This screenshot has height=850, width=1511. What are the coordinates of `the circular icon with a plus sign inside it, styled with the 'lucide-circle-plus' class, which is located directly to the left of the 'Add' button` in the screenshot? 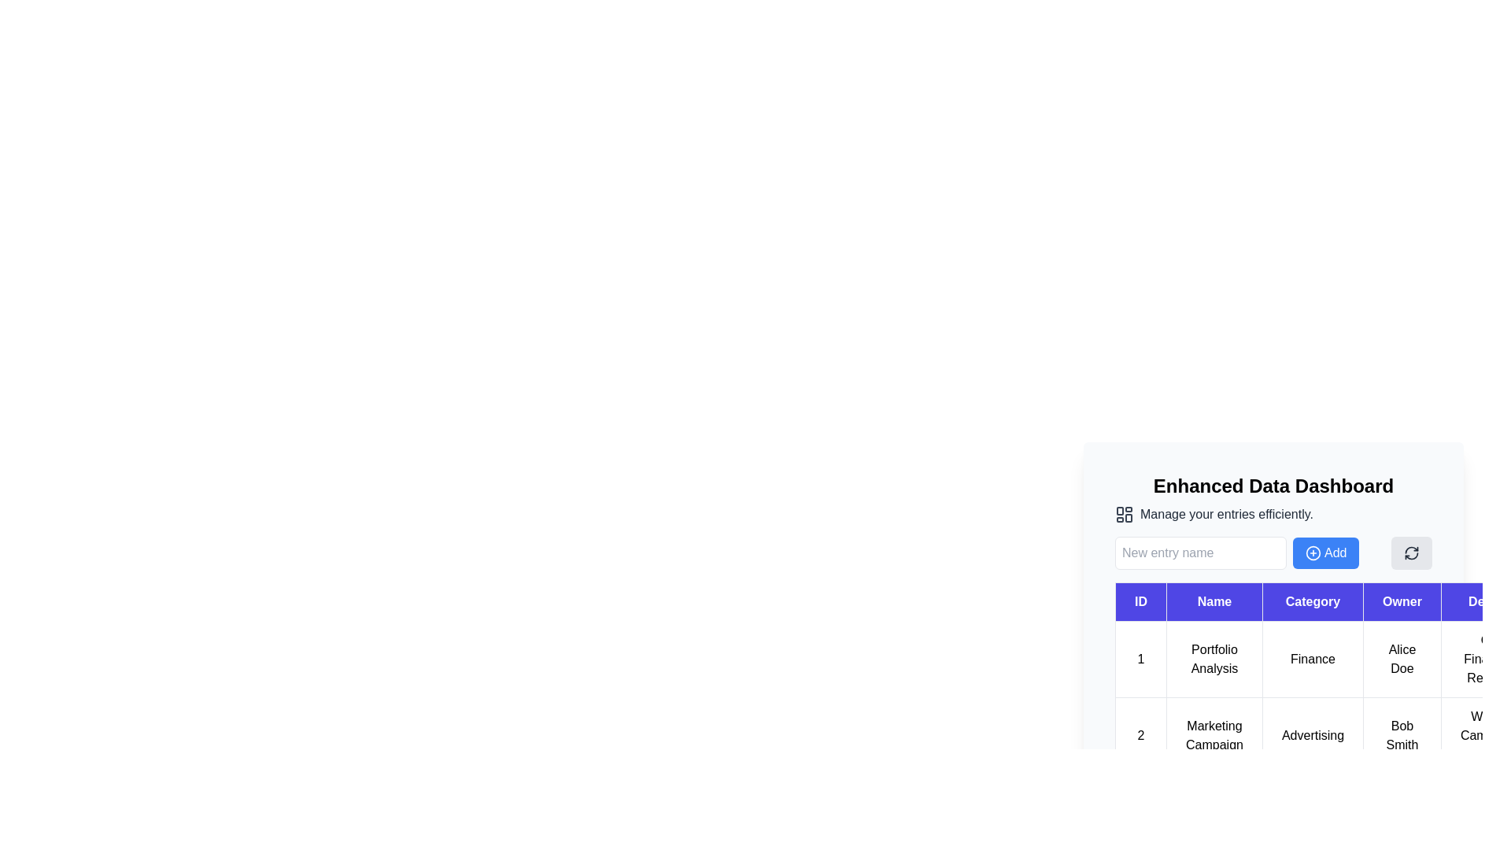 It's located at (1313, 552).